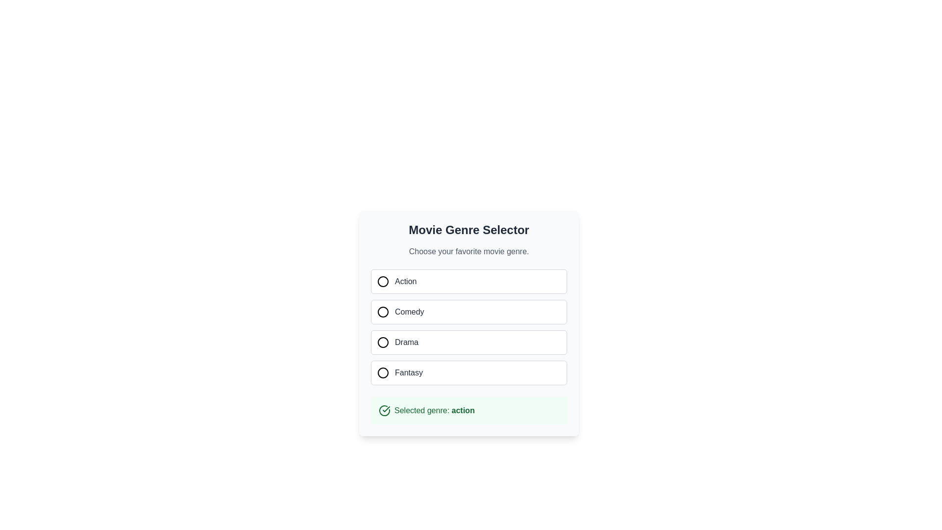  What do you see at coordinates (468, 282) in the screenshot?
I see `the radio button labeled 'Action' in the 'Movie Genre Selector' group` at bounding box center [468, 282].